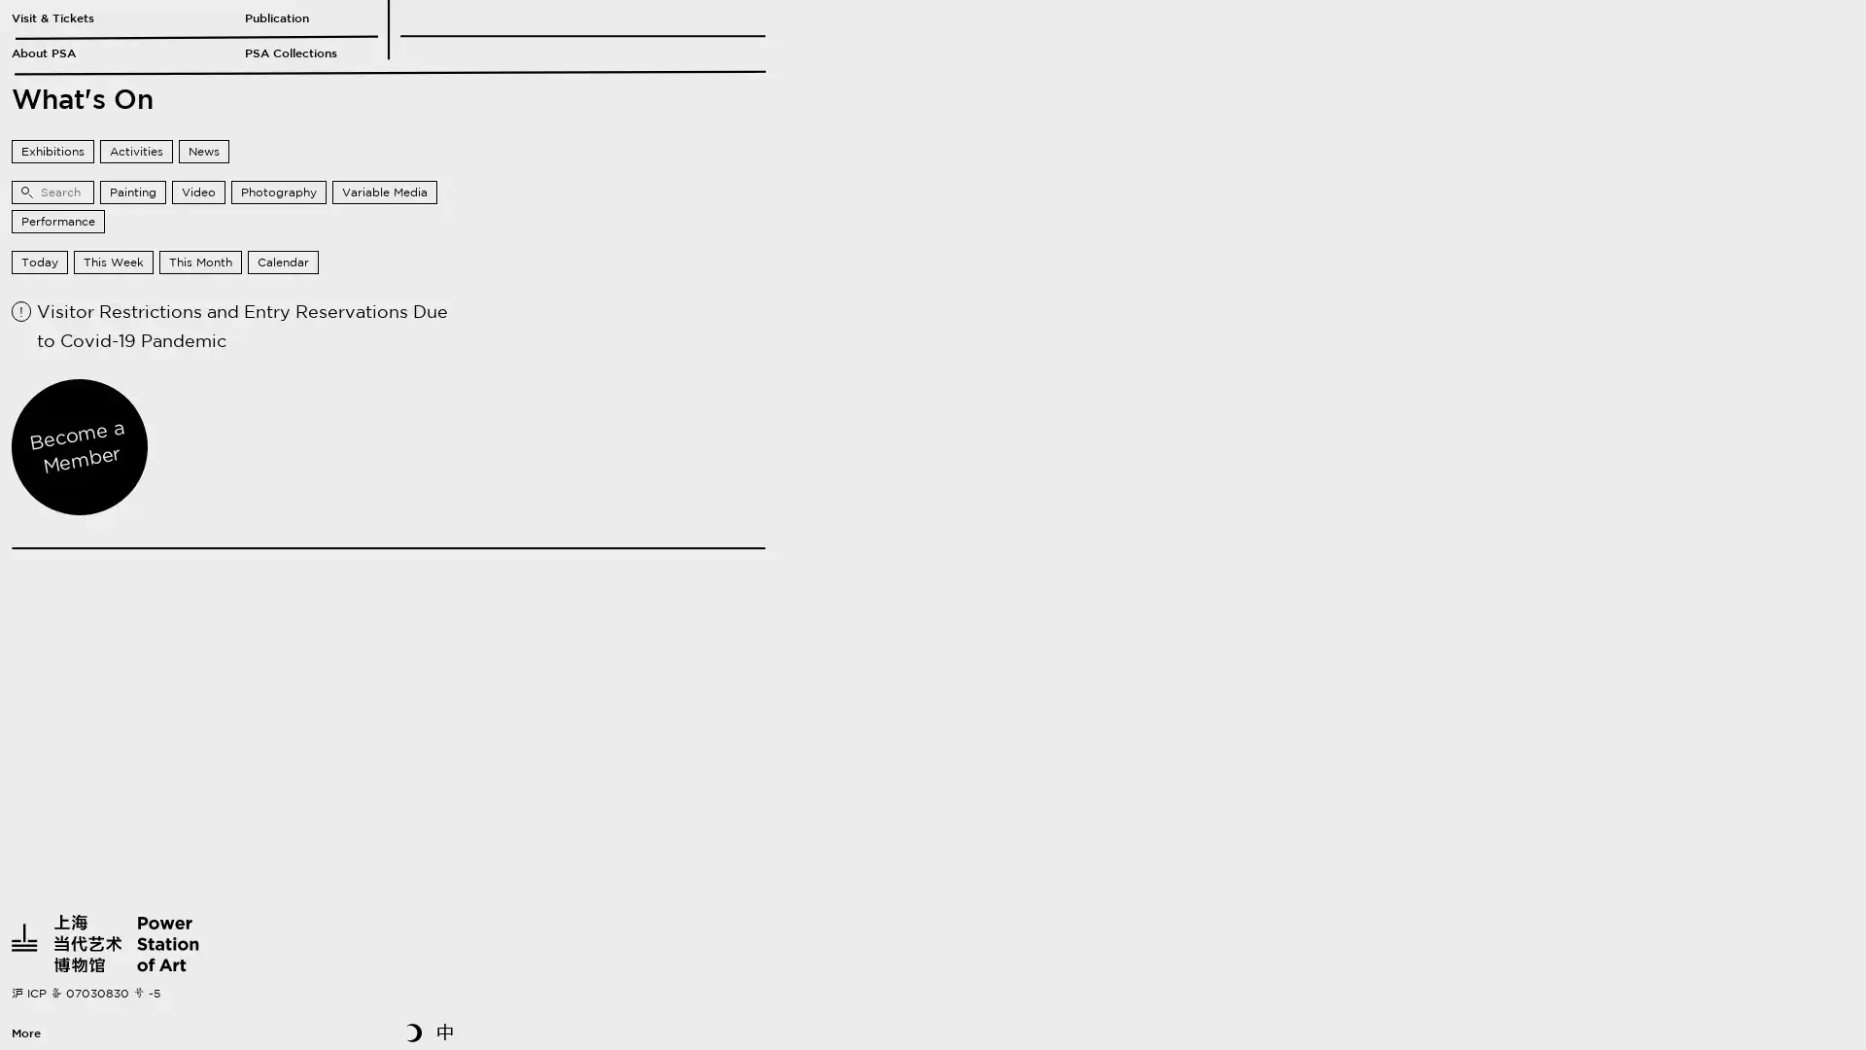 The width and height of the screenshot is (1866, 1050). Describe the element at coordinates (112, 262) in the screenshot. I see `This Week` at that location.